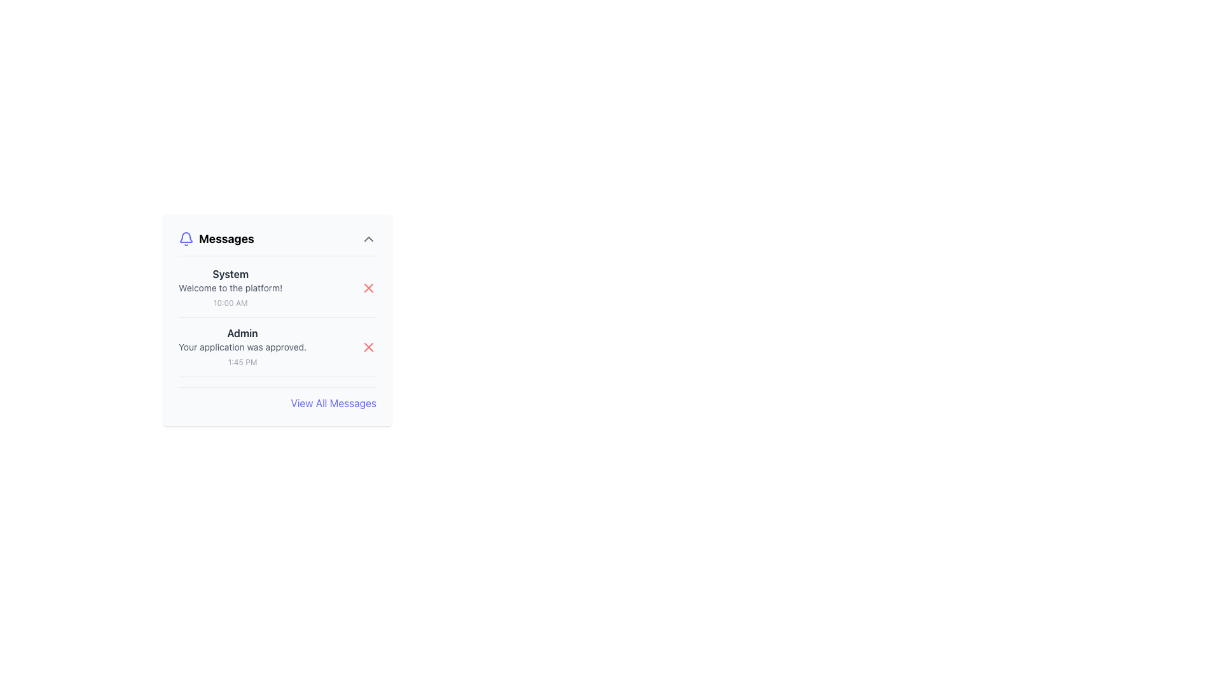 This screenshot has width=1221, height=687. What do you see at coordinates (333, 403) in the screenshot?
I see `the hyperlink styled with an indigo font color and underlined text that reads 'View All Messages' to trigger hover effects` at bounding box center [333, 403].